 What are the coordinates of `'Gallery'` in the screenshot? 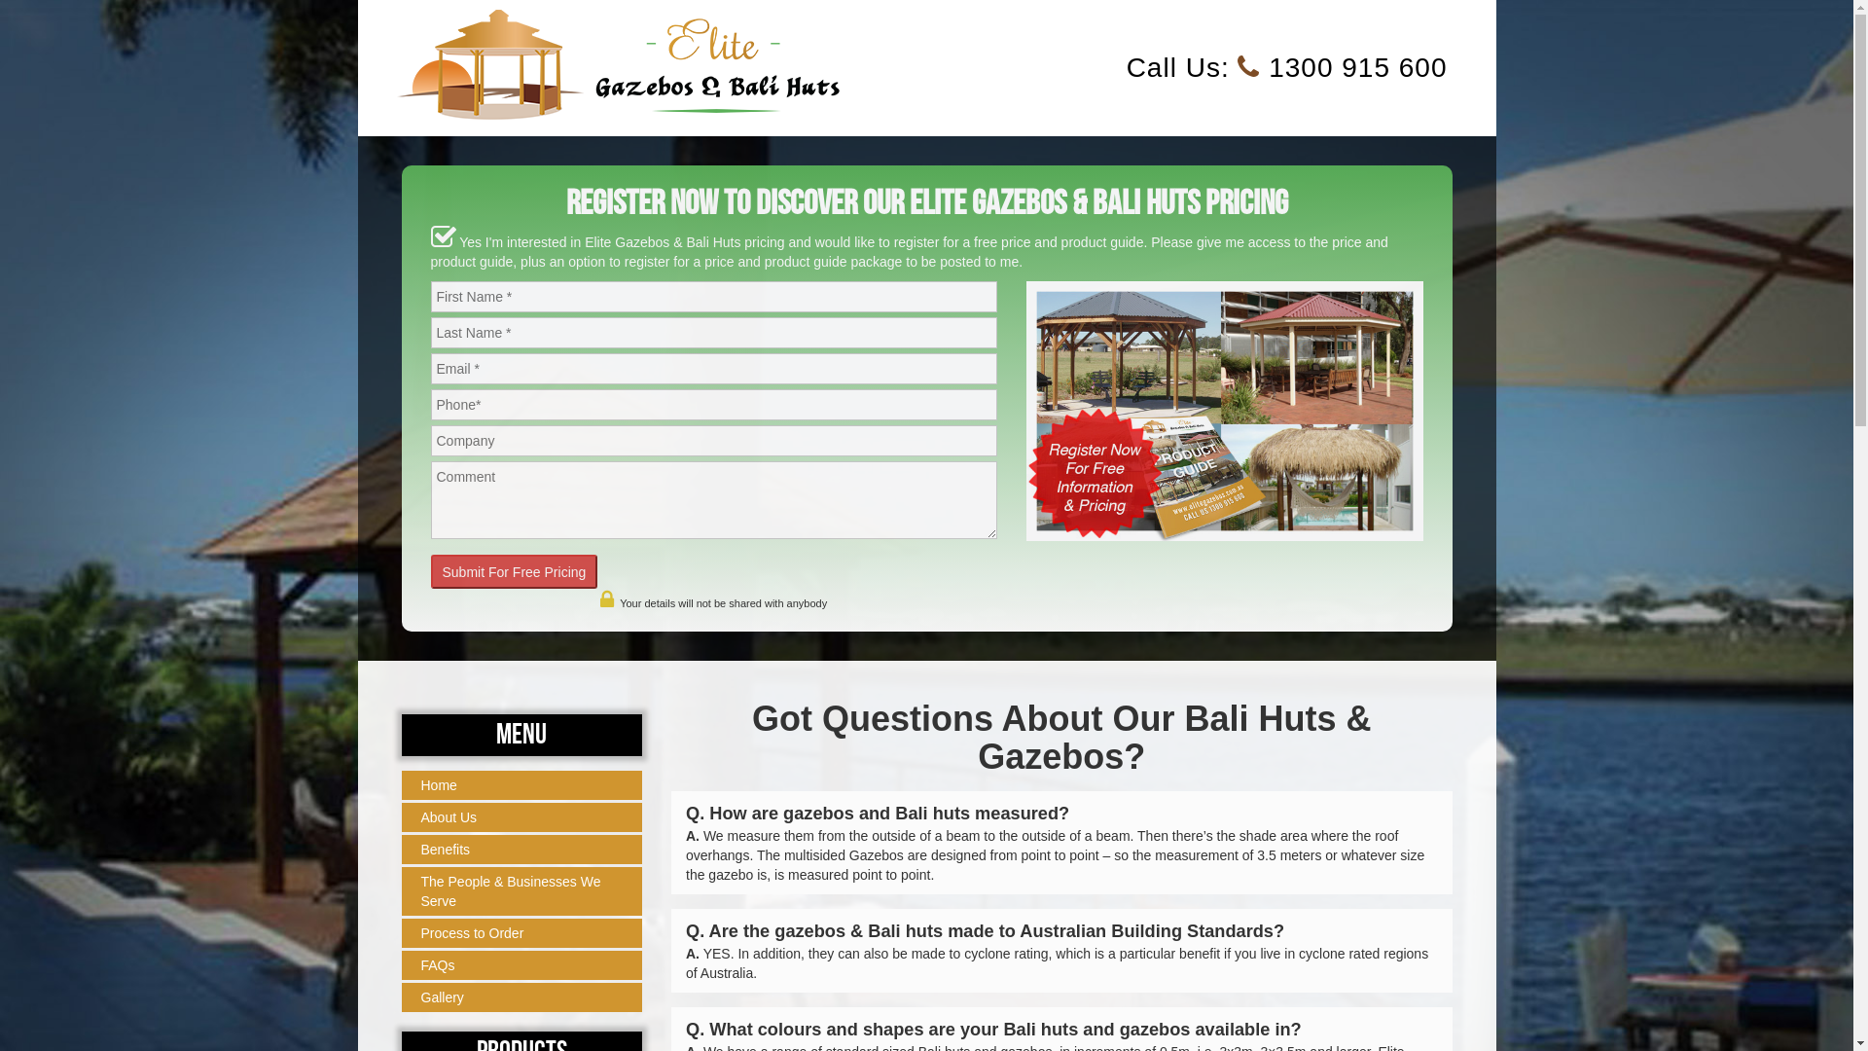 It's located at (521, 997).